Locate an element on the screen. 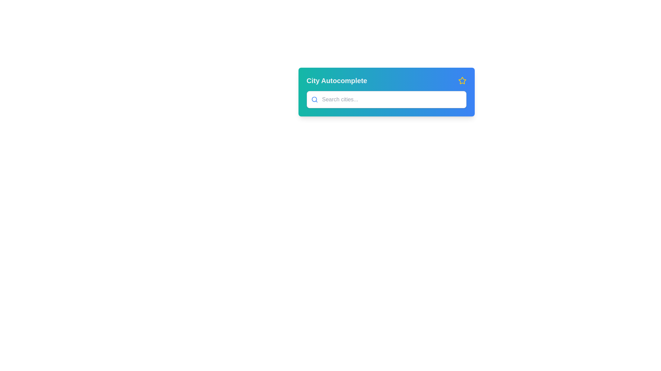  the star icon located at the top-right corner of the UI card, adjacent to 'City Autocomplete', to toggle its state is located at coordinates (462, 80).